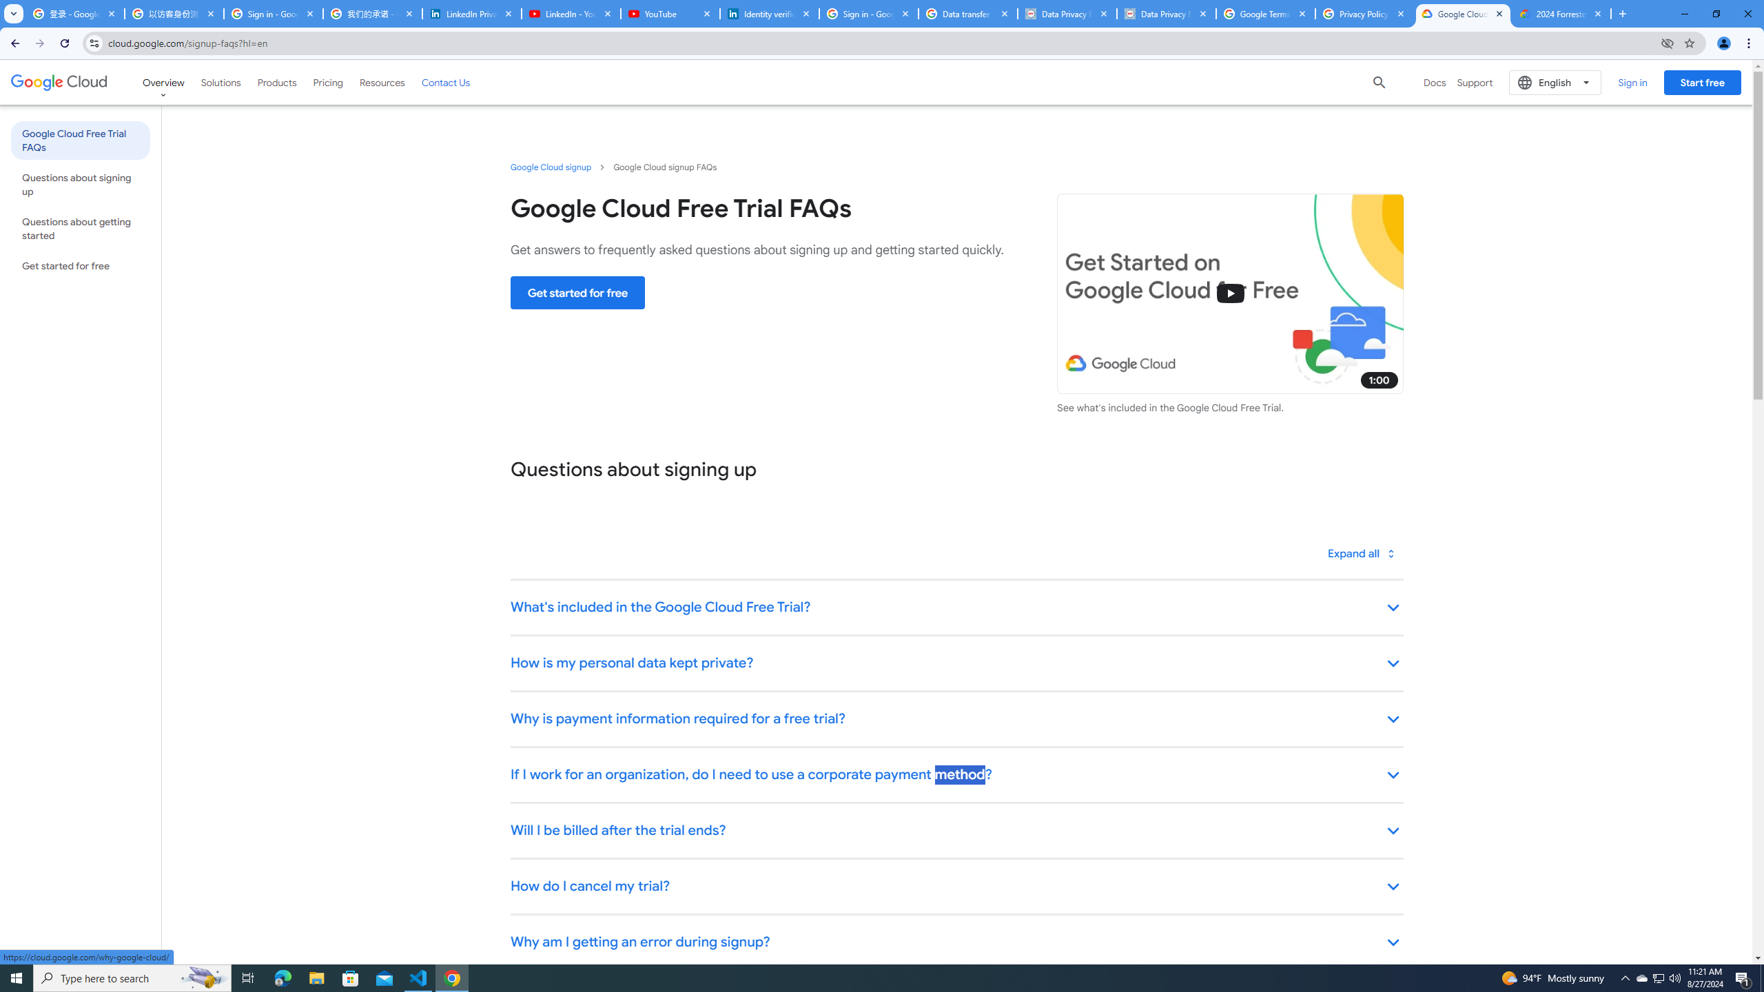  I want to click on 'Google Cloud signup', so click(551, 166).